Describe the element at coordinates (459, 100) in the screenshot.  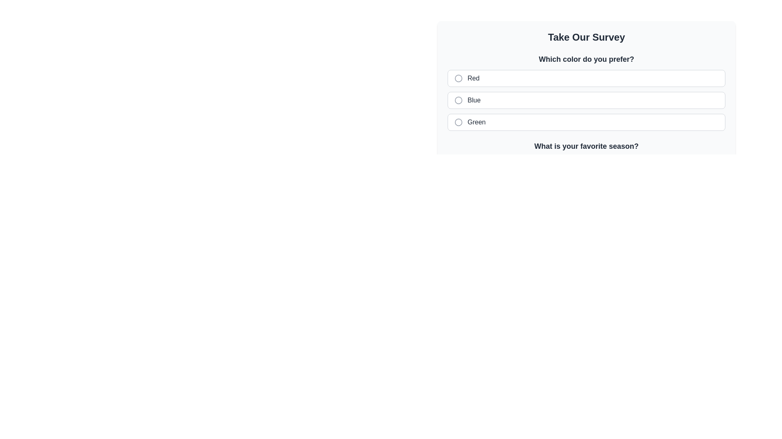
I see `the radio button labeled 'Blue'` at that location.